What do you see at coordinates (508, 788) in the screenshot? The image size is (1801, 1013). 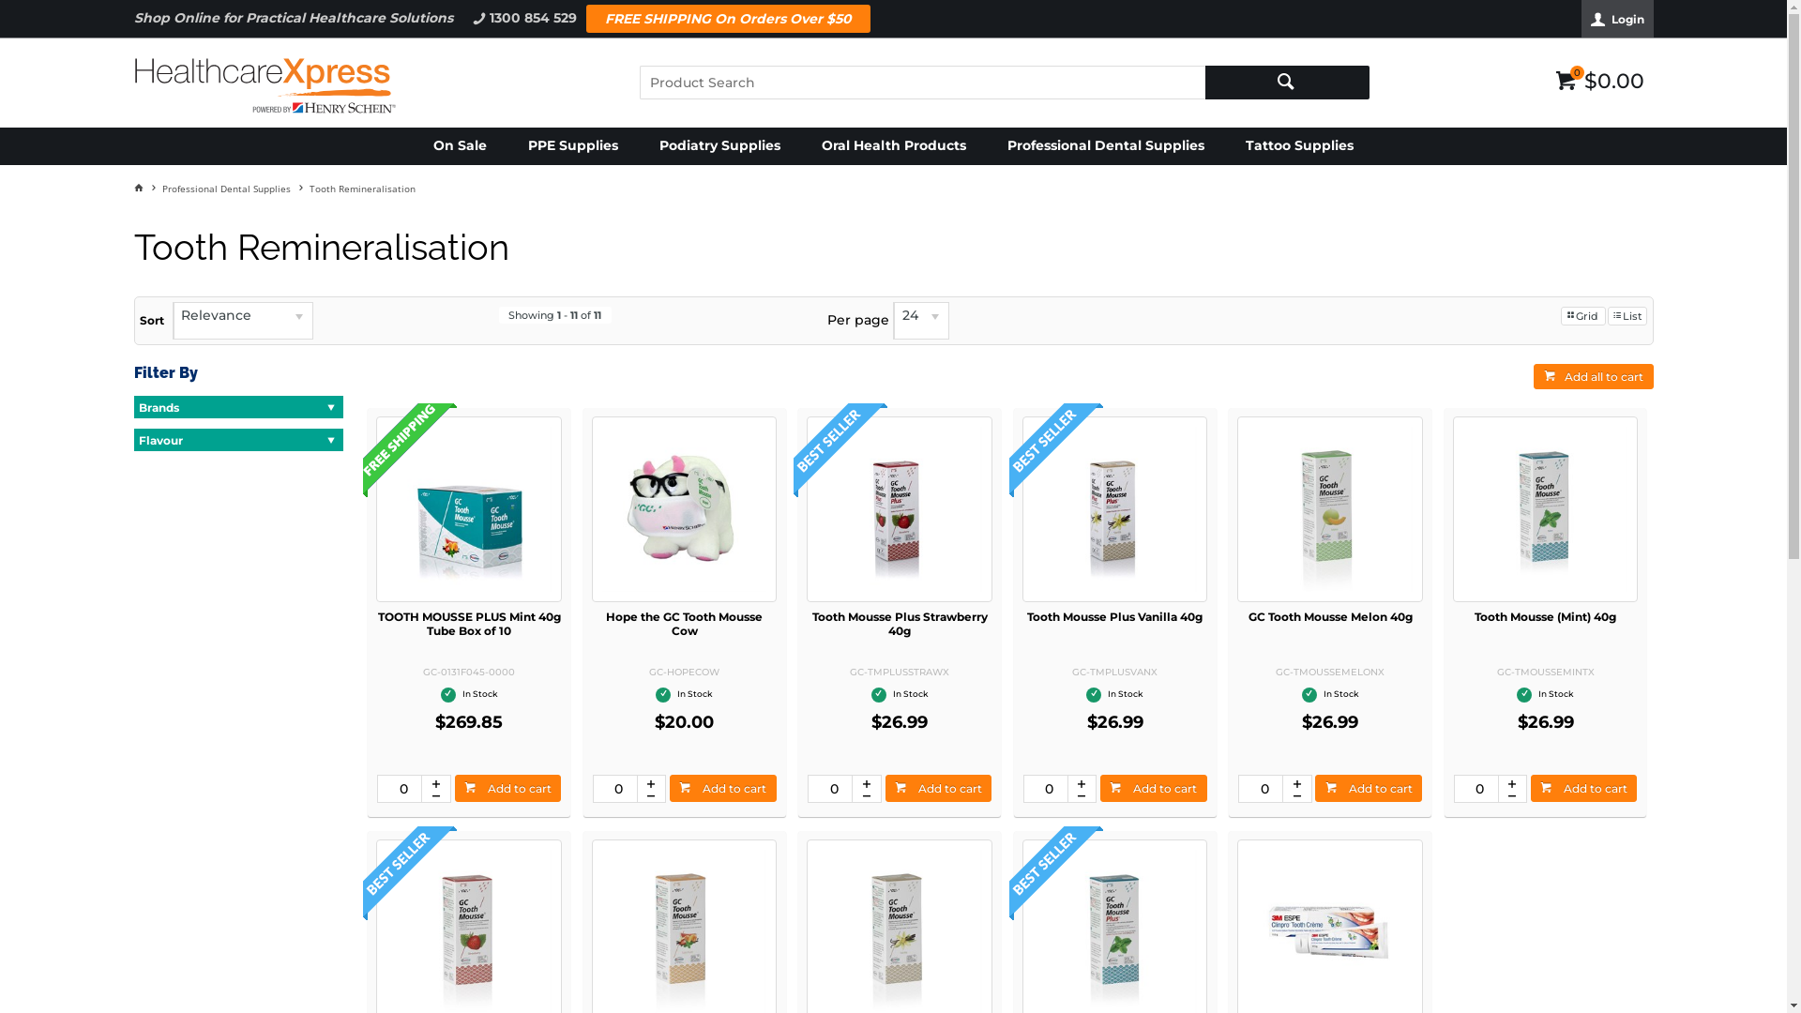 I see `'Add to cart'` at bounding box center [508, 788].